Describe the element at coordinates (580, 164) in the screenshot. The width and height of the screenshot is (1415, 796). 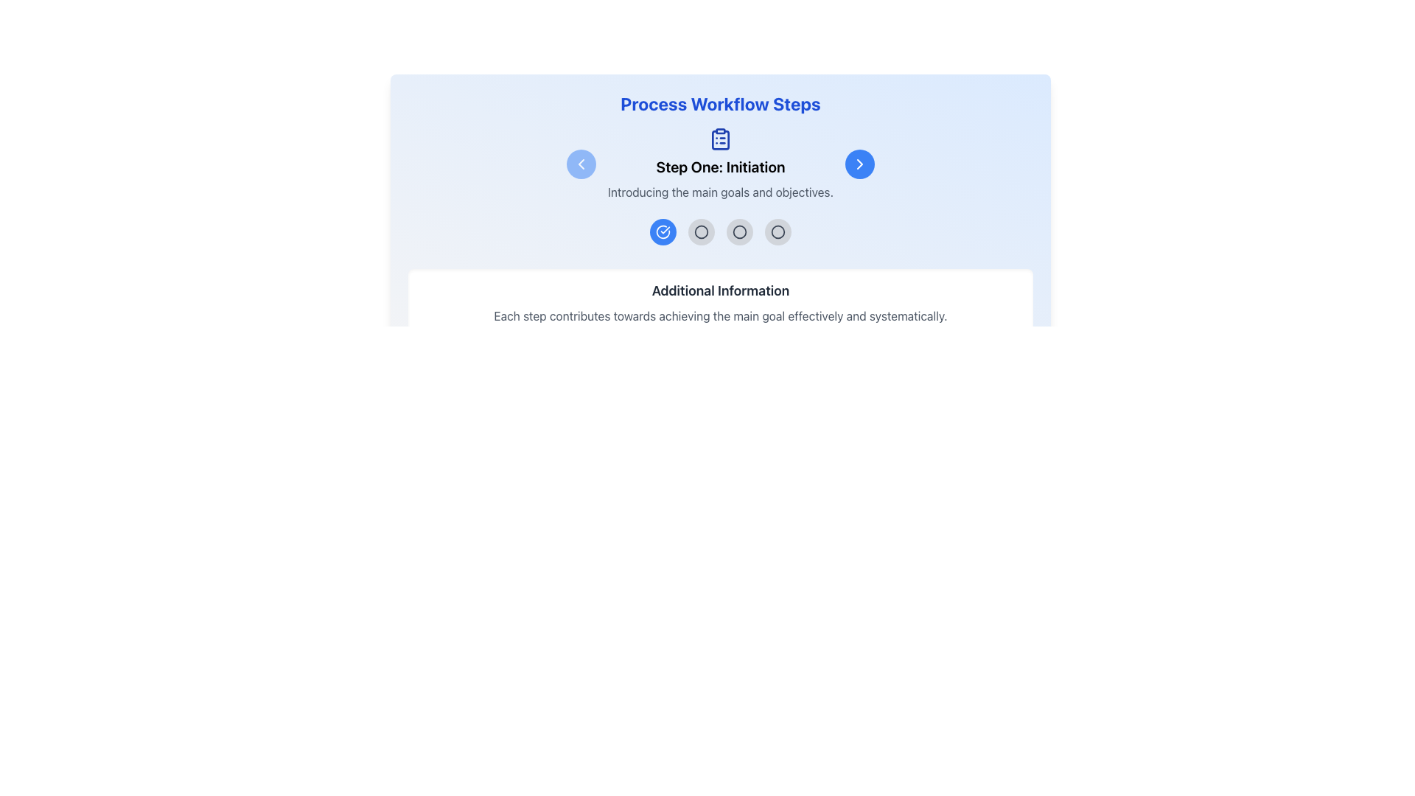
I see `the minimalist left-arrow icon button located immediately to the left of the 'Step One: Initiation' heading` at that location.